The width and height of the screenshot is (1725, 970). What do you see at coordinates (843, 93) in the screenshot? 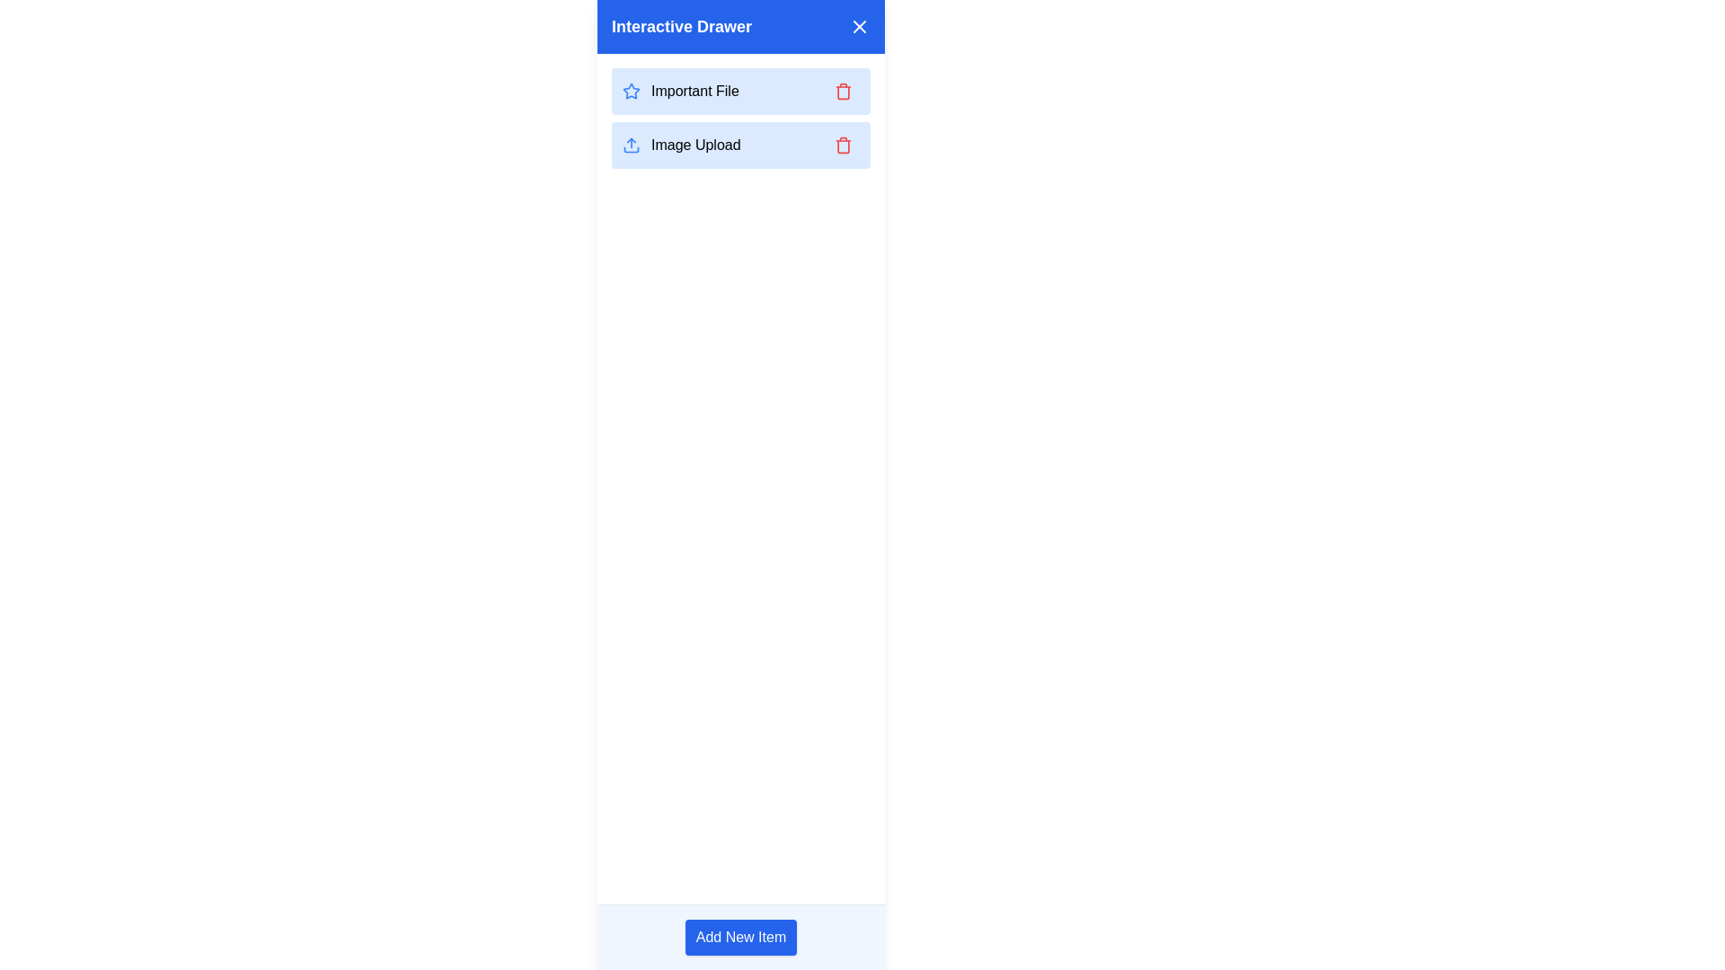
I see `the trash bin icon component located on the right side of the 'Important File' interactive list item in the vertical drawer interface` at bounding box center [843, 93].